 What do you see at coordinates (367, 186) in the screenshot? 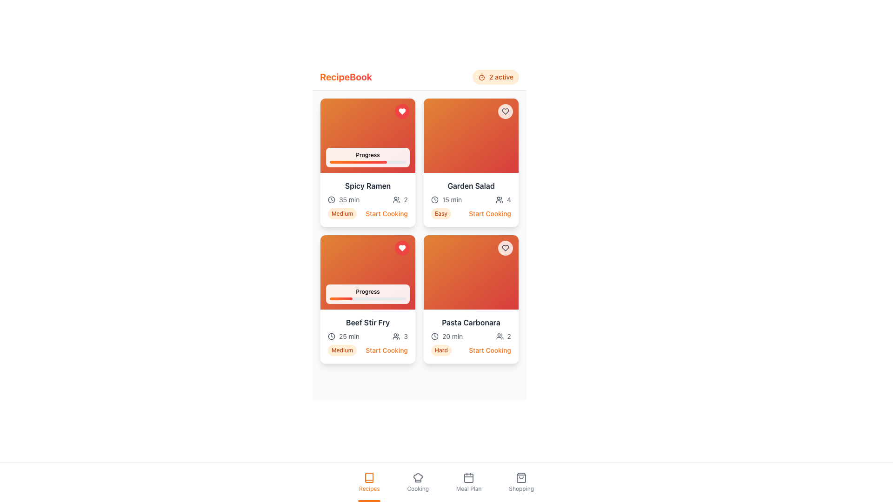
I see `the 'Spicy Ramen' text label, which is styled in bold dark gray color and positioned centrally on the first recipe card in the grid, located below the progress bar and above preparation time and difficulty details` at bounding box center [367, 186].